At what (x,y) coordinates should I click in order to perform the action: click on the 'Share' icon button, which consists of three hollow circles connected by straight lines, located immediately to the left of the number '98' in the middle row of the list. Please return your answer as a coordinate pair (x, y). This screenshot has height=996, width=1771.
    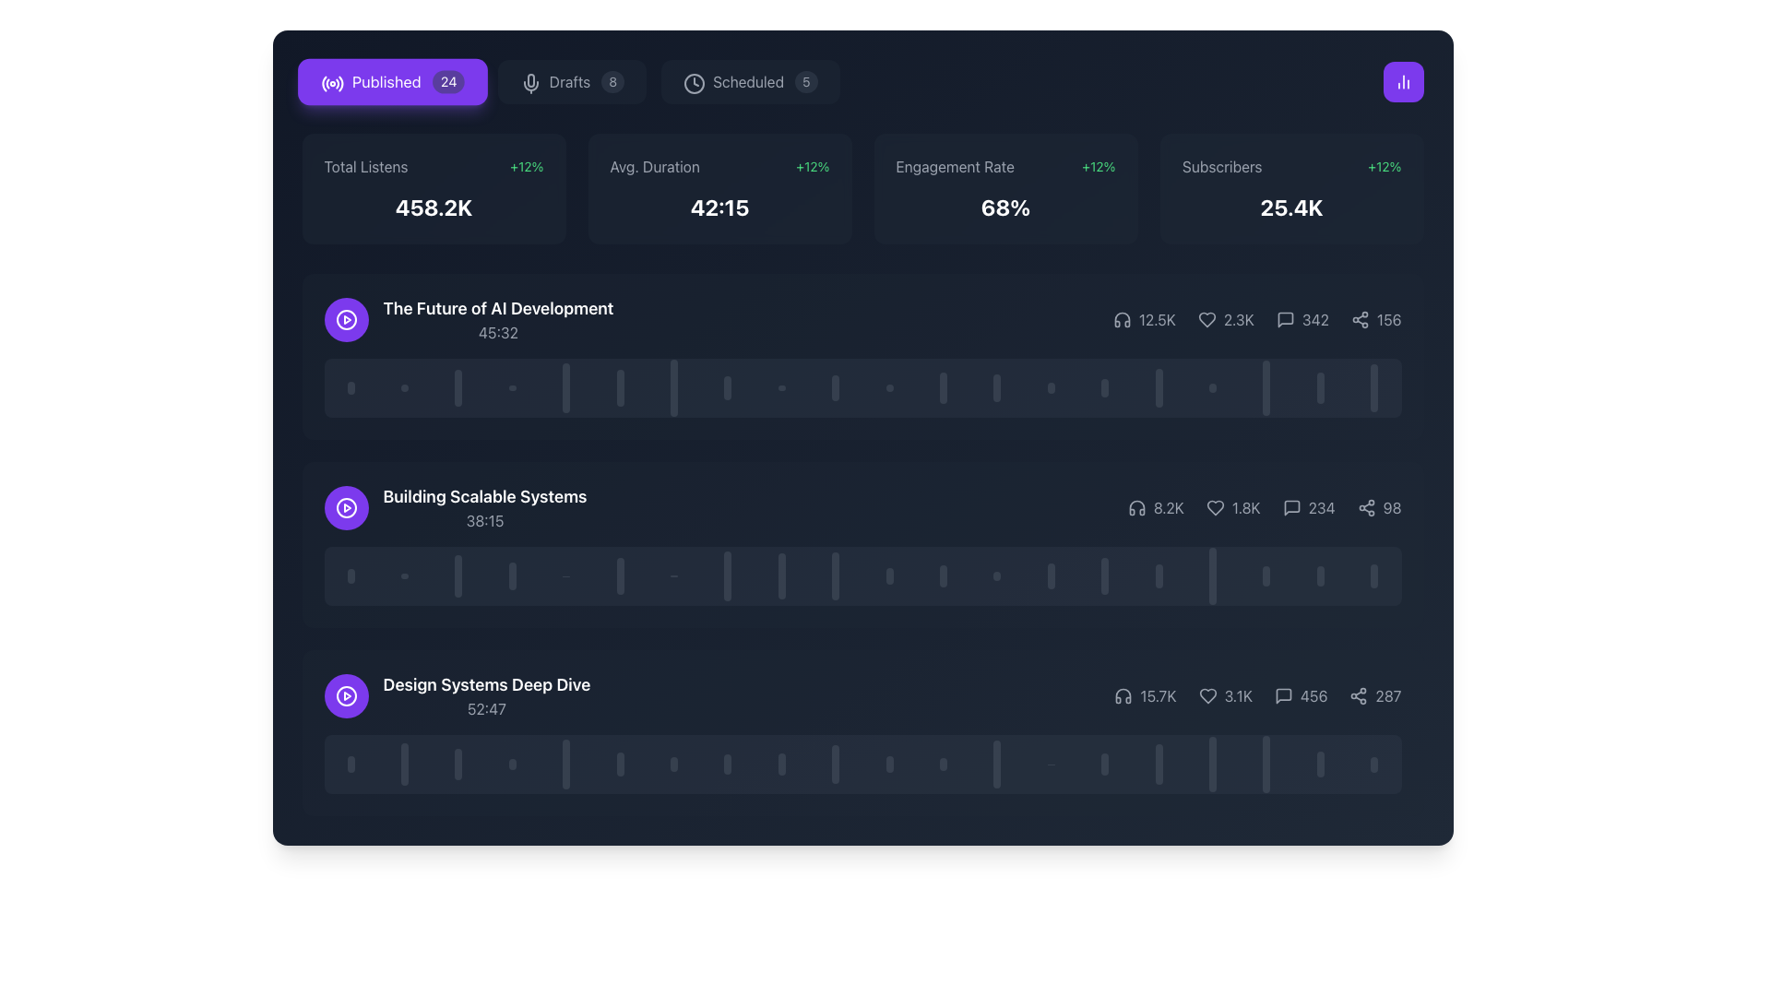
    Looking at the image, I should click on (1366, 508).